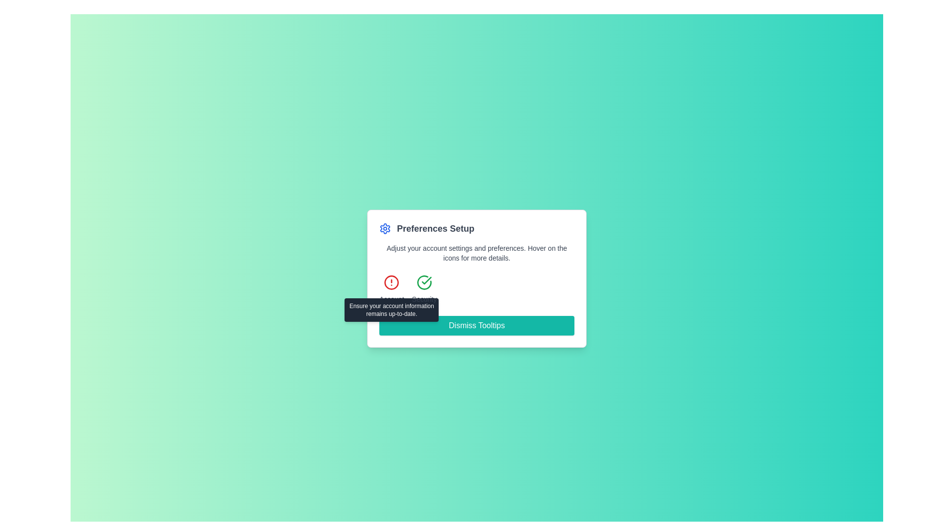 Image resolution: width=941 pixels, height=529 pixels. I want to click on the alert or warning icon located at the top-left of the 'Preferences Setup' card to understand the context it is displayed within, so click(391, 283).